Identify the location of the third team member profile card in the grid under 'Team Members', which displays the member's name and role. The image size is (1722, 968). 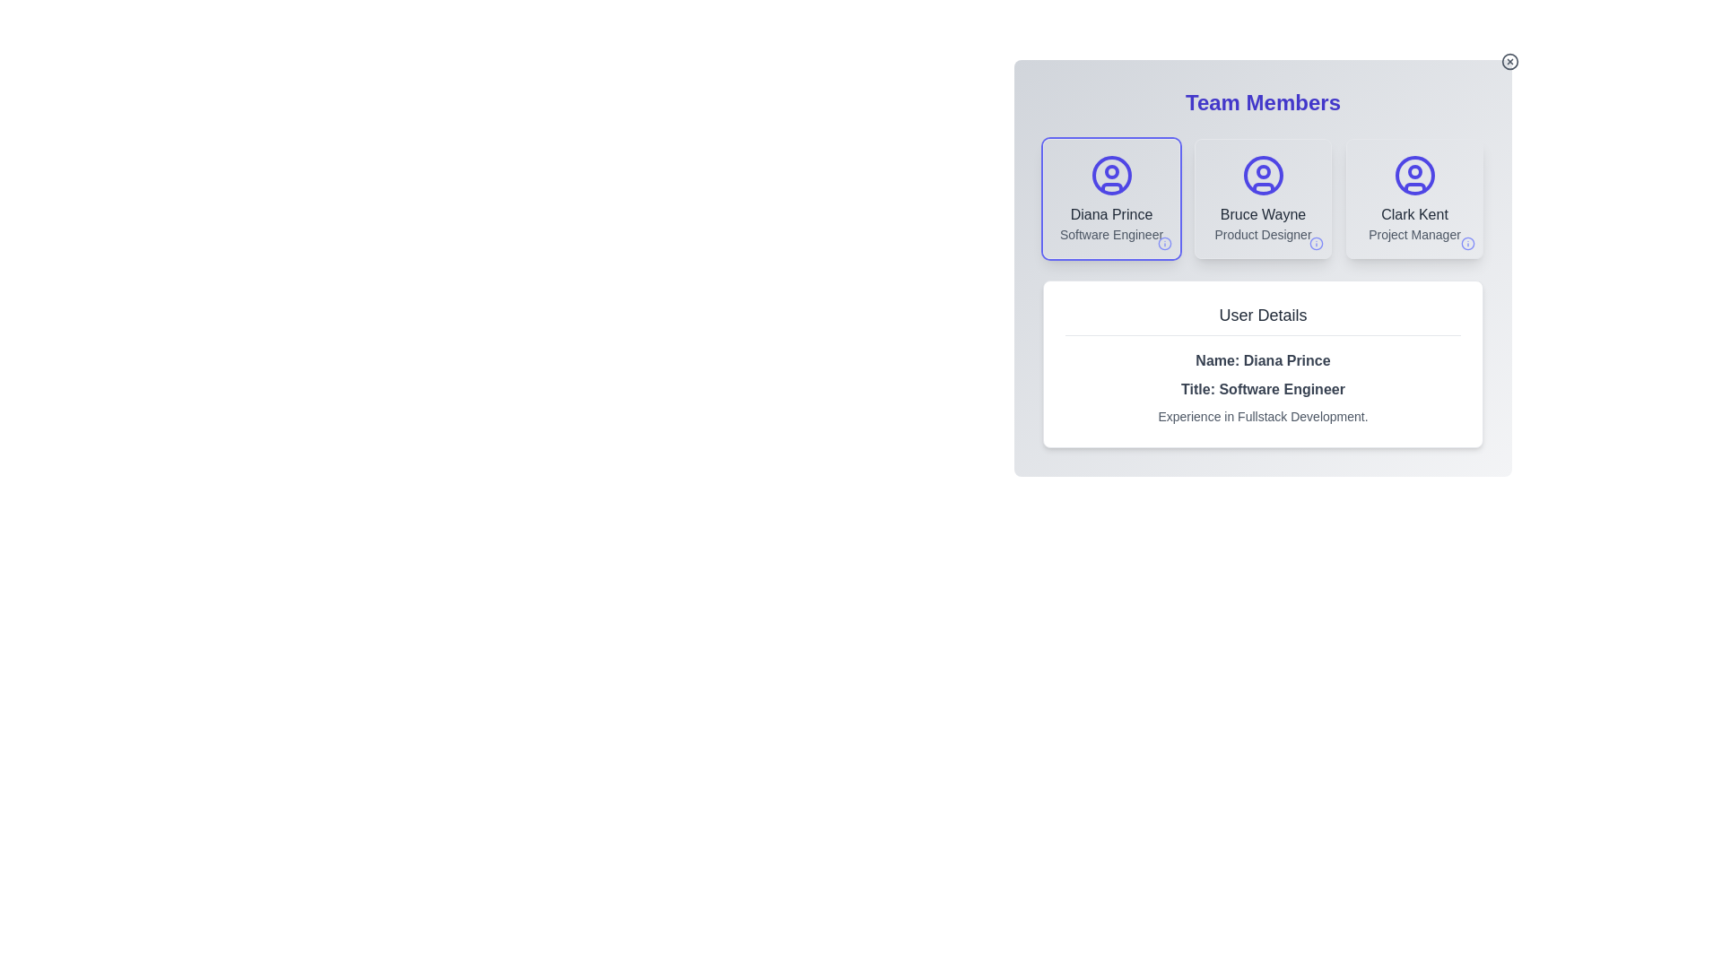
(1413, 199).